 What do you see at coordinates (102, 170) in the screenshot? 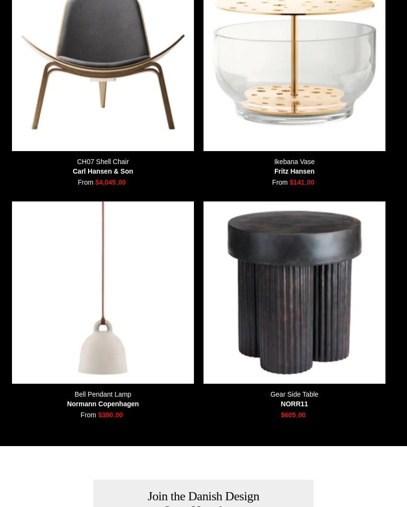
I see `'Carl Hansen & Son'` at bounding box center [102, 170].